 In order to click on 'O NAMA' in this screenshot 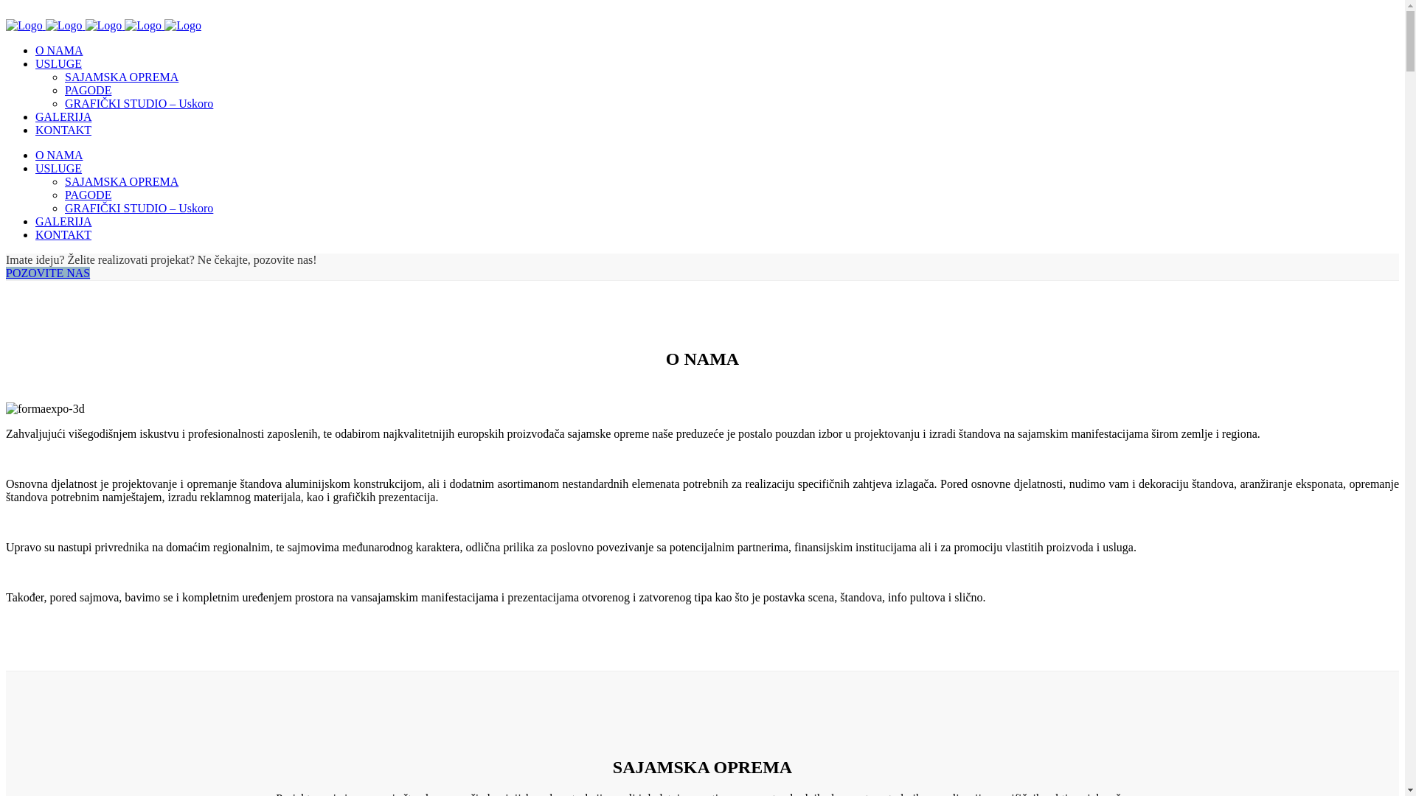, I will do `click(59, 49)`.